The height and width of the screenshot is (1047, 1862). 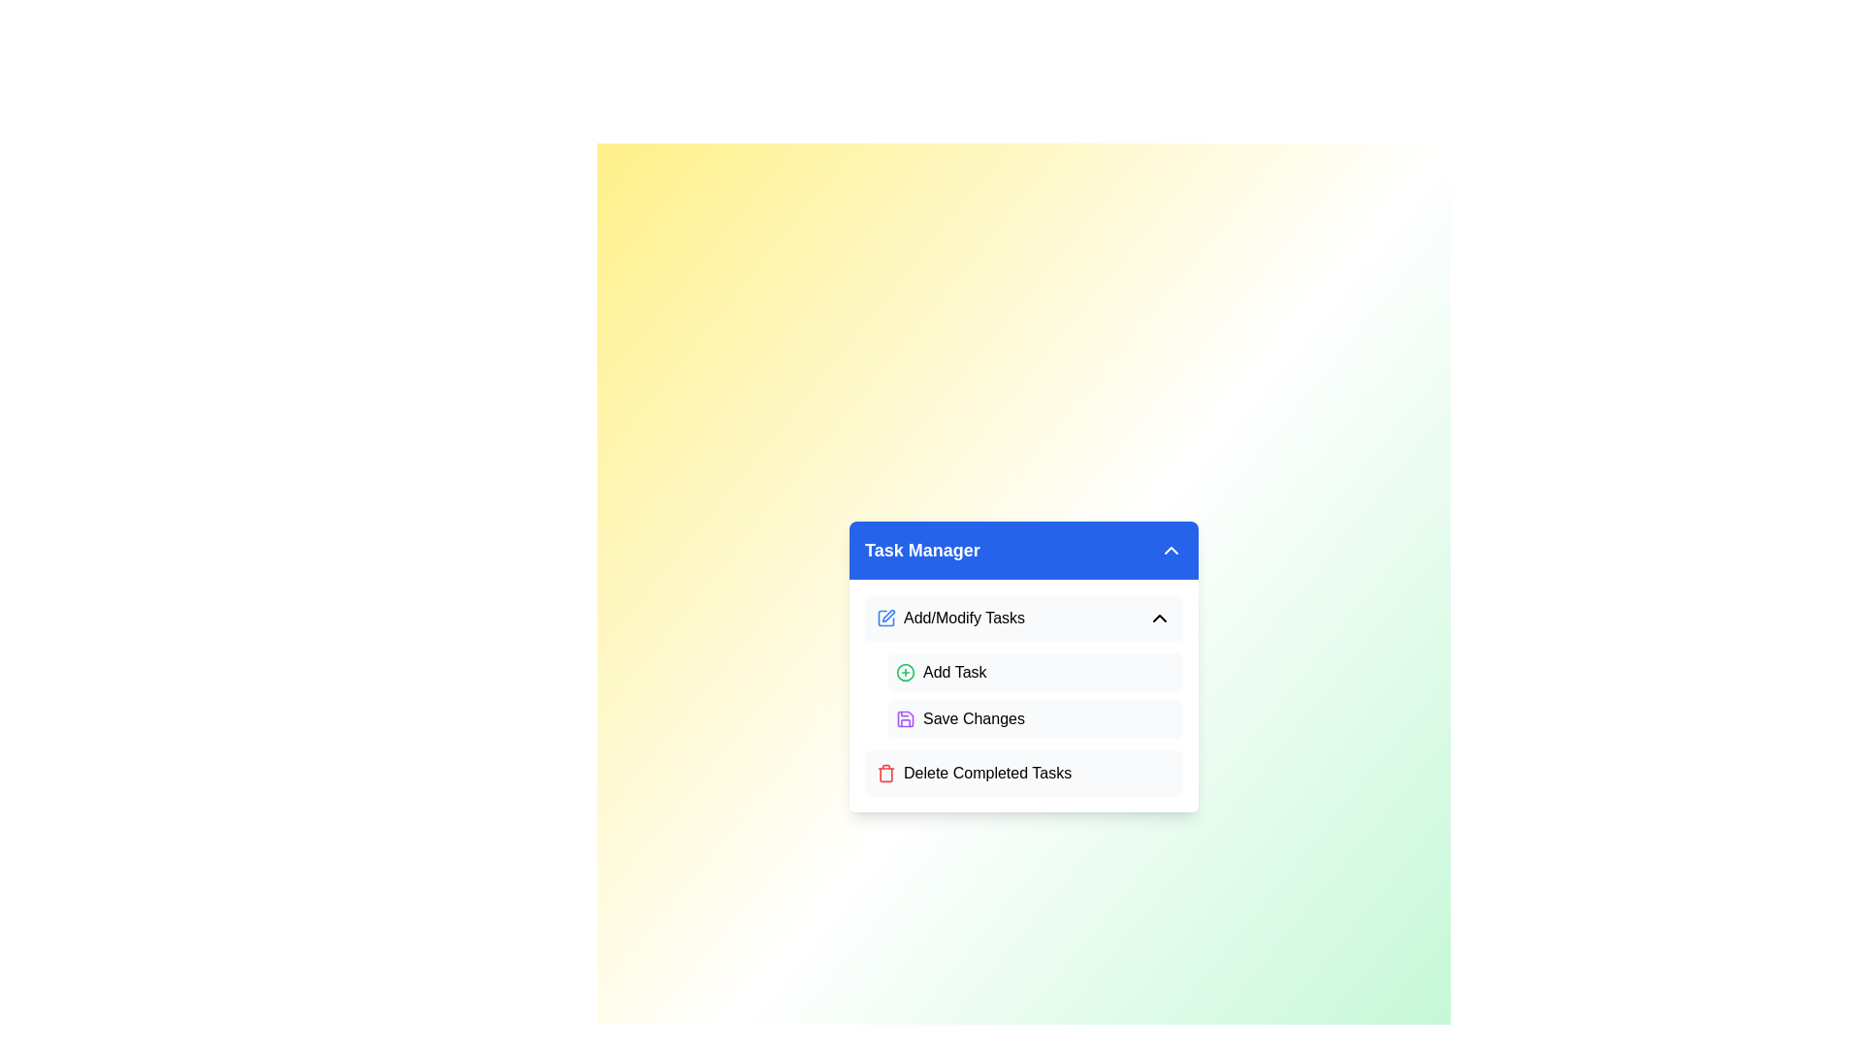 I want to click on the icon representing the 'Add/Modify Tasks' functionality, which is the leftmost component in the row within the 'Task Manager' dropdown menu, so click(x=884, y=618).